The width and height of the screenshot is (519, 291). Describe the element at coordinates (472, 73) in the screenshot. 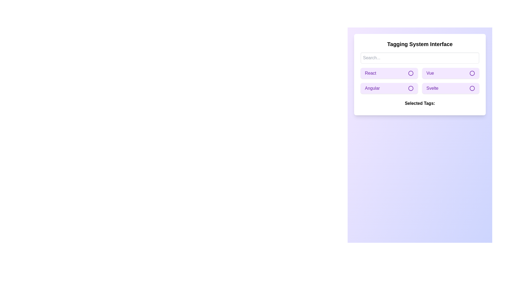

I see `the circular graphical element associated with the 'Vue' tag, located in the second row and second column of the tag selection interface` at that location.